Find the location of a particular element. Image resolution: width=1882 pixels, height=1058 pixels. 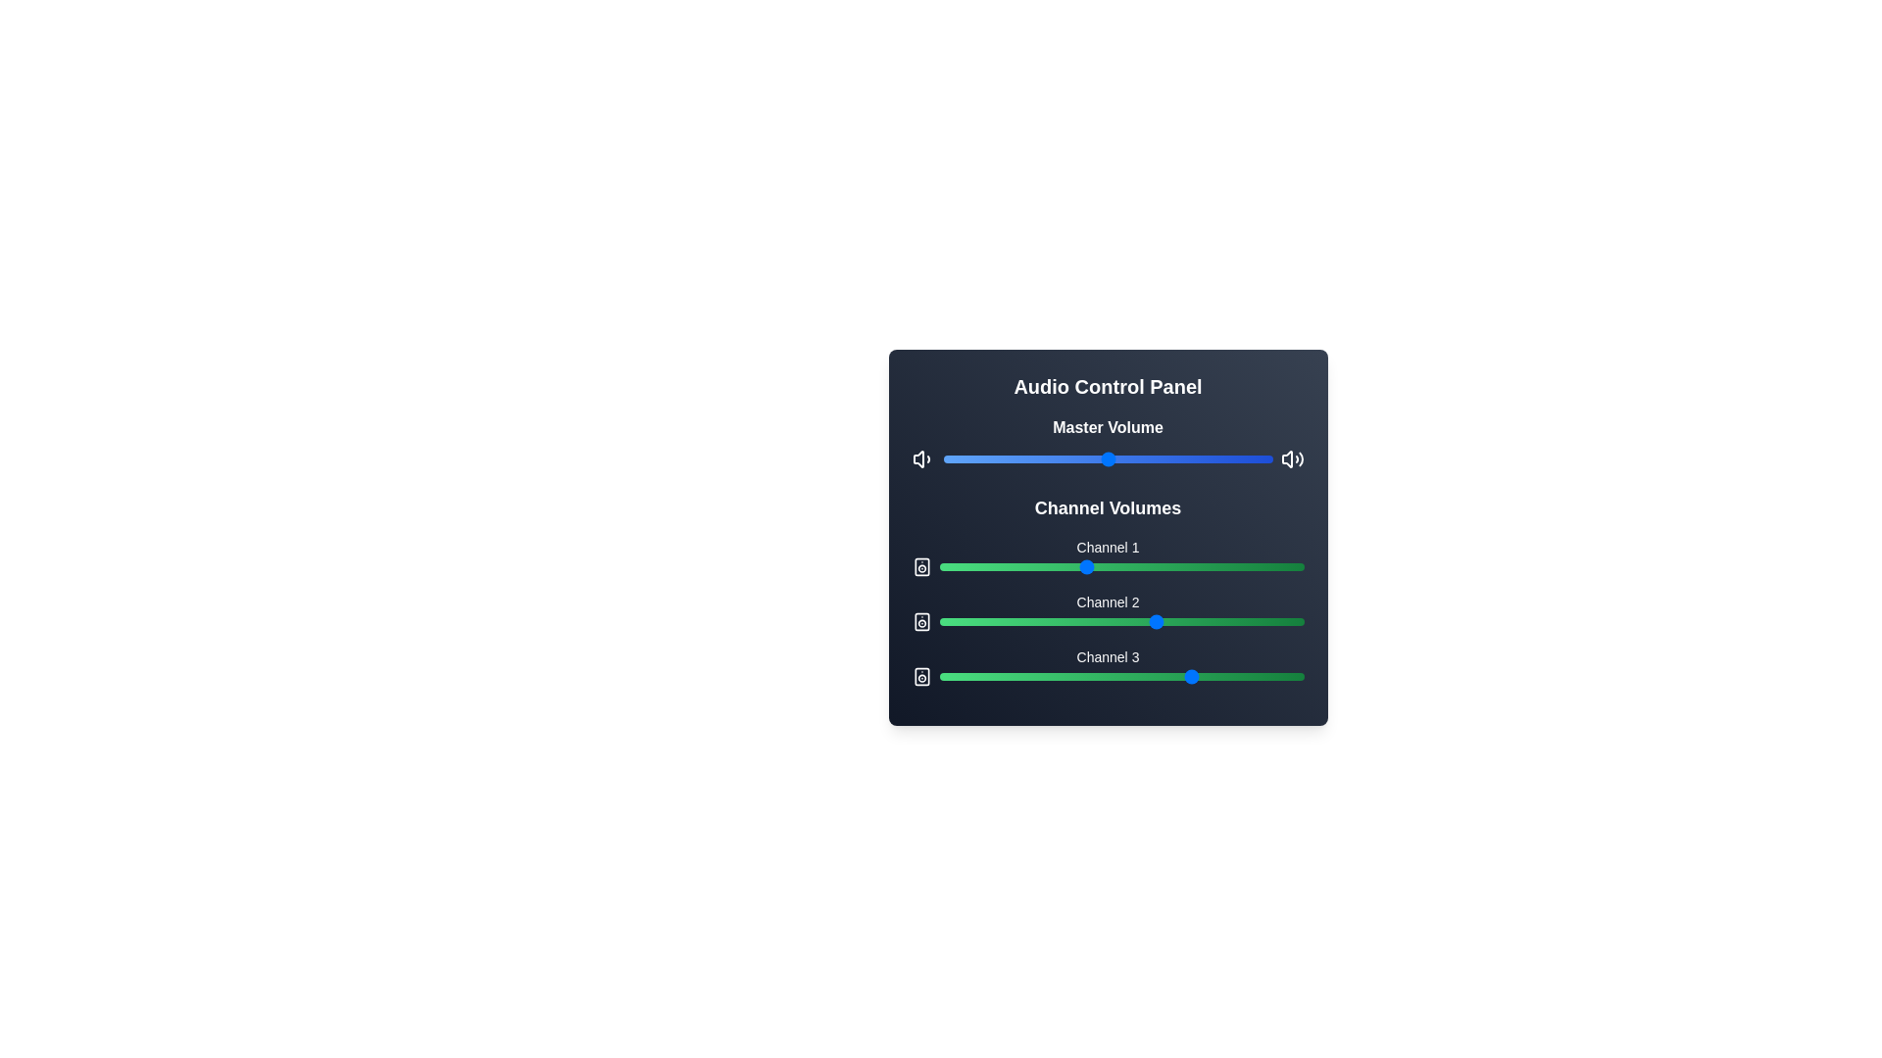

the volume of Channel 2 is located at coordinates (1069, 622).